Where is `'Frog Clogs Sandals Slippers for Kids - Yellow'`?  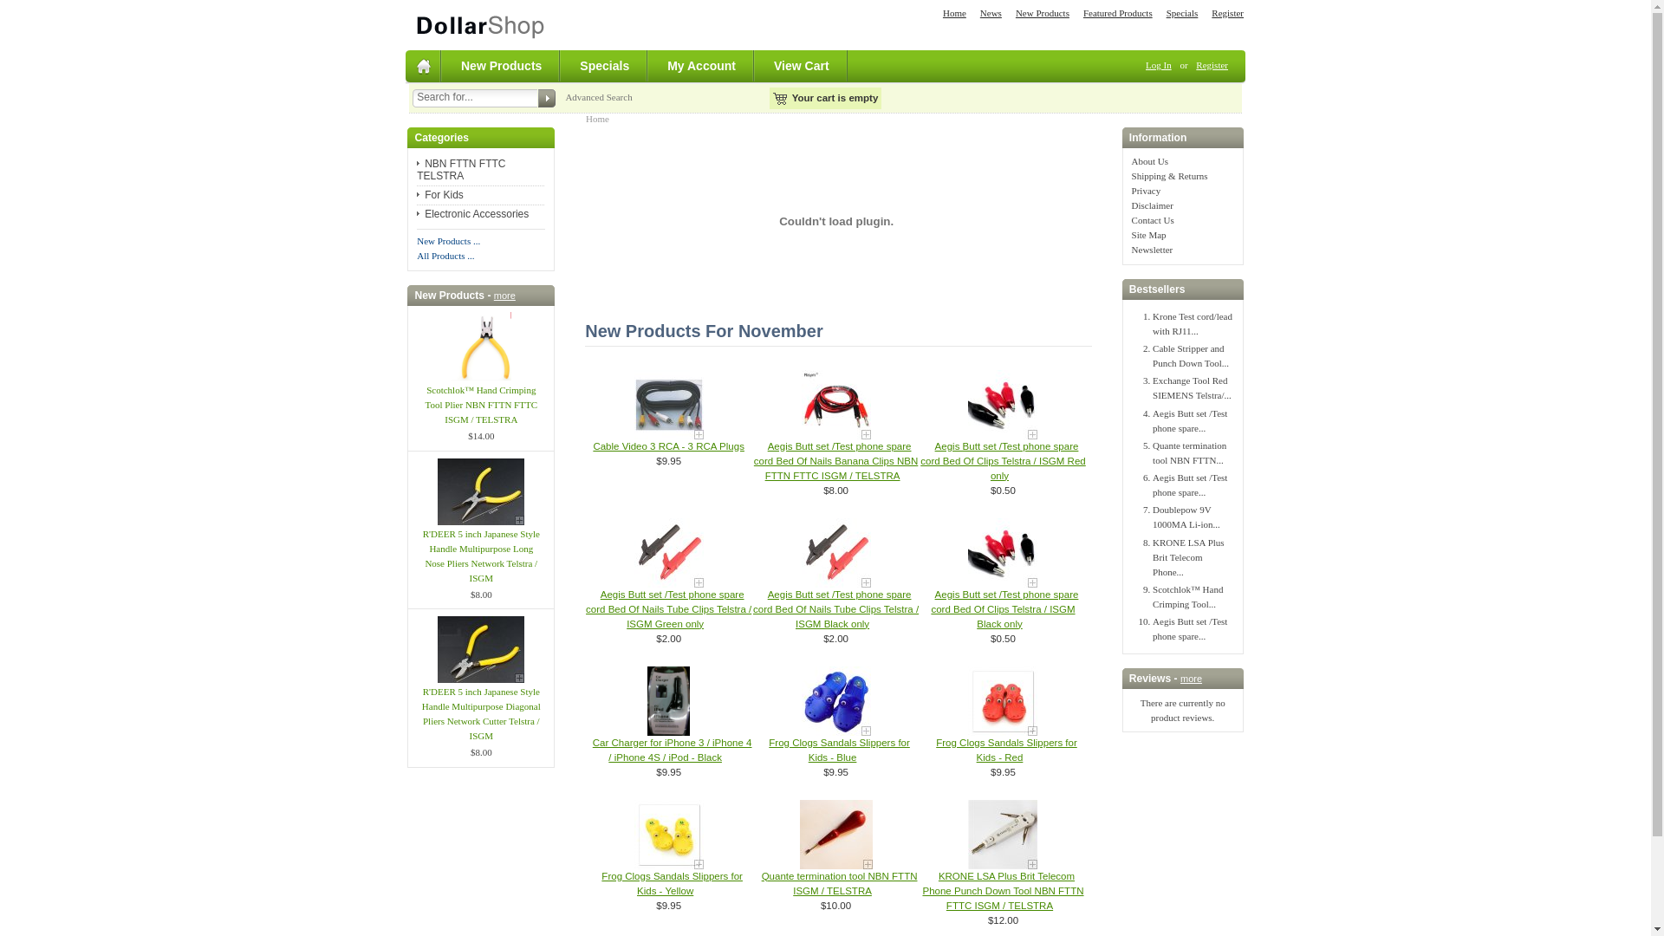
'Frog Clogs Sandals Slippers for Kids - Yellow' is located at coordinates (671, 883).